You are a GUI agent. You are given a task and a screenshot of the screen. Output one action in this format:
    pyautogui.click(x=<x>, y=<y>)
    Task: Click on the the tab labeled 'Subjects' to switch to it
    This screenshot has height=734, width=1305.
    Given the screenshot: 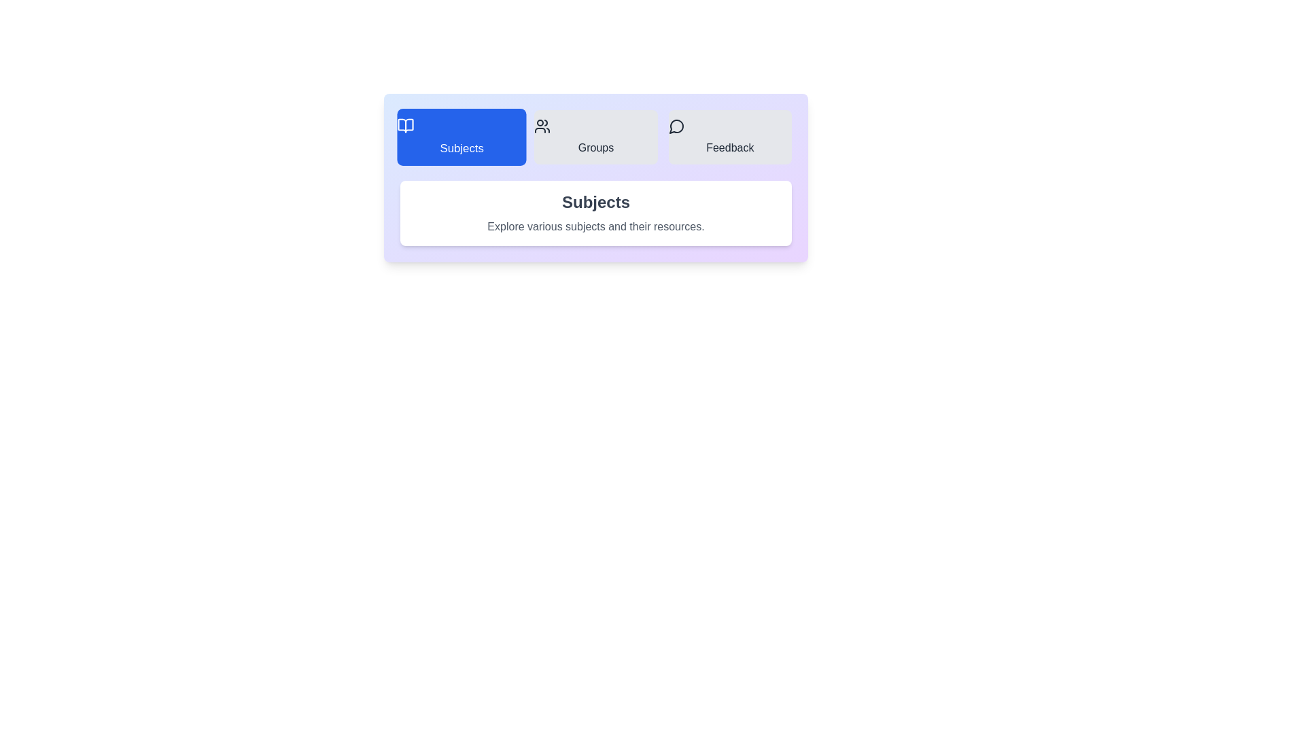 What is the action you would take?
    pyautogui.click(x=462, y=137)
    